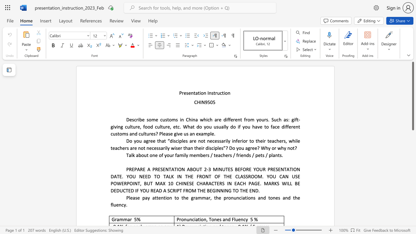  Describe the element at coordinates (412, 194) in the screenshot. I see `the vertical scrollbar to lower the page content` at that location.